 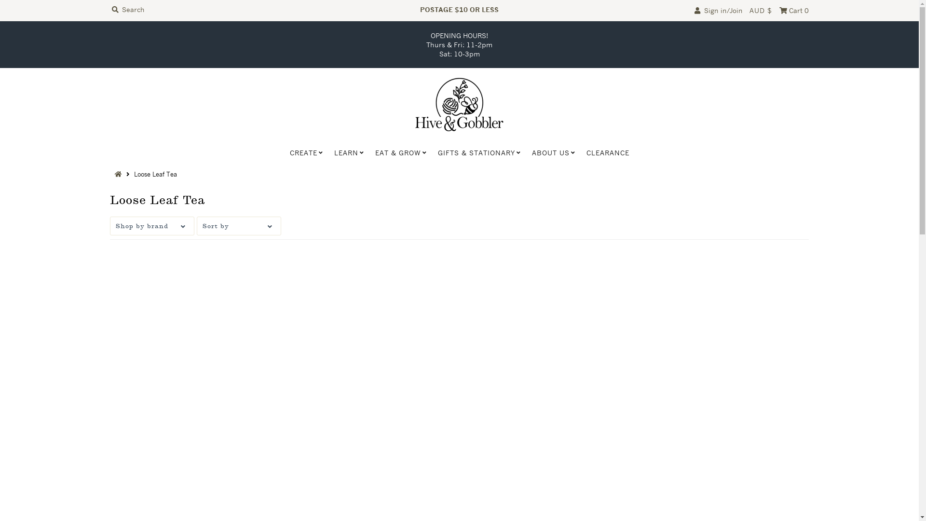 I want to click on 'Back to the frontpage', so click(x=119, y=174).